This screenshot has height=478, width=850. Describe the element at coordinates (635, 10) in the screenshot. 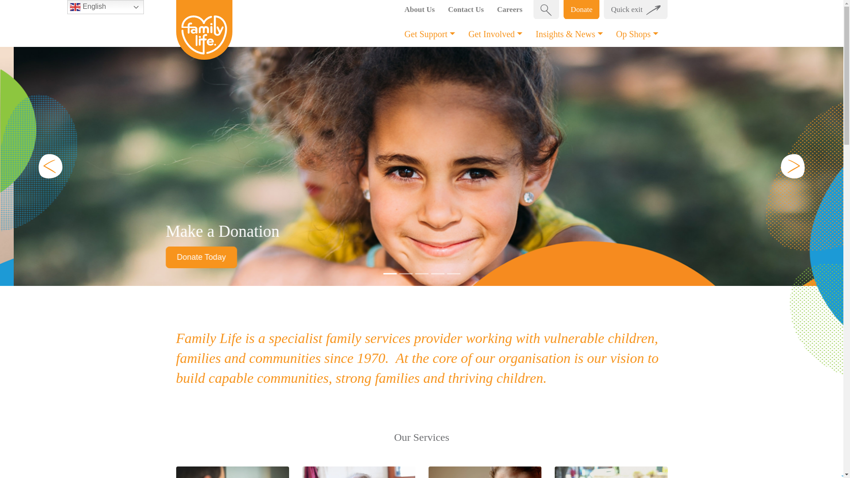

I see `'Quick exit'` at that location.